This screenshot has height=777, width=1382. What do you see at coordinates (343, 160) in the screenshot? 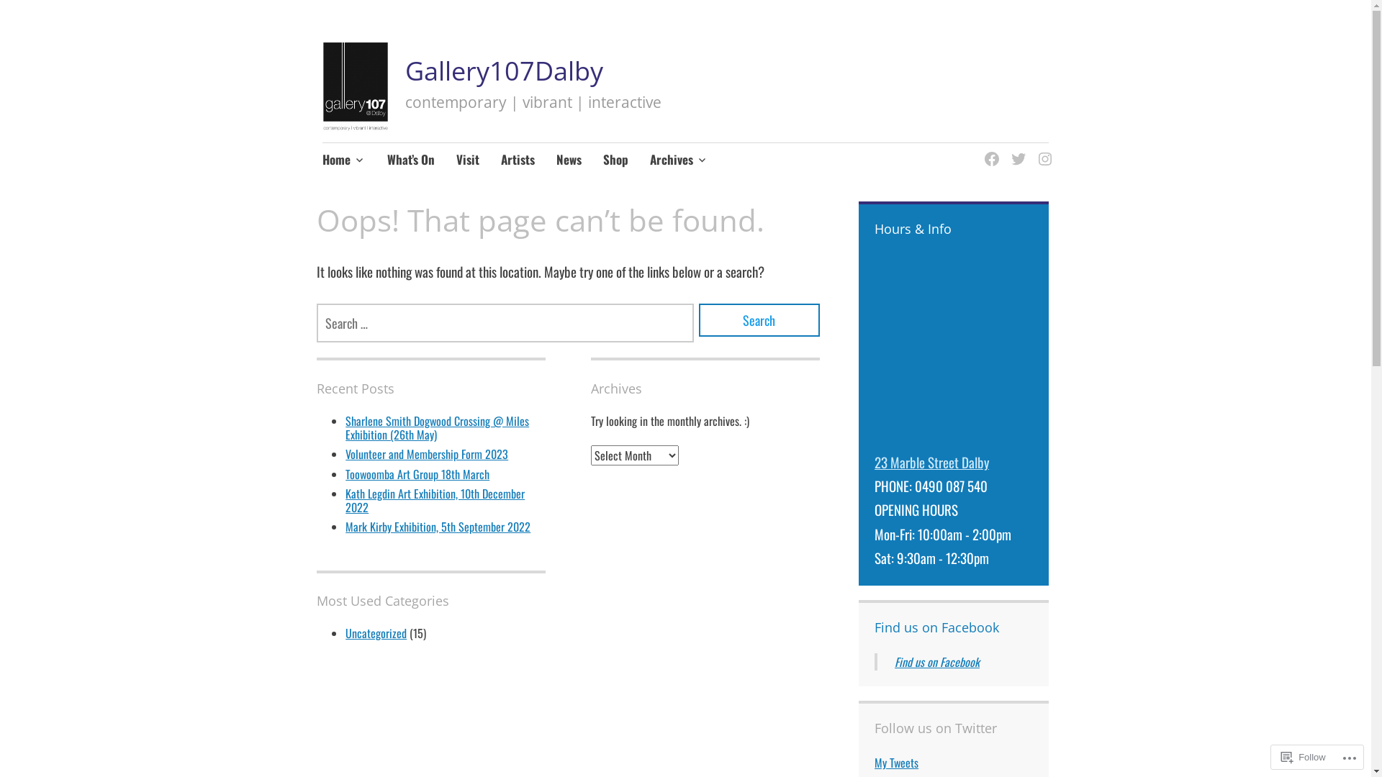
I see `'Home'` at bounding box center [343, 160].